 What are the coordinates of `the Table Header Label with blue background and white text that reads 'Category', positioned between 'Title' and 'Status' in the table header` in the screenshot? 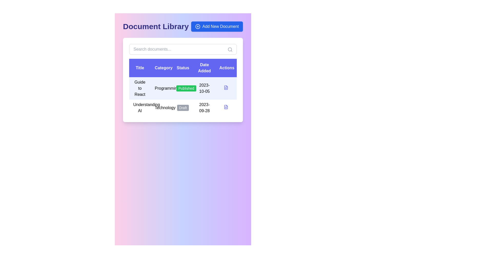 It's located at (161, 68).